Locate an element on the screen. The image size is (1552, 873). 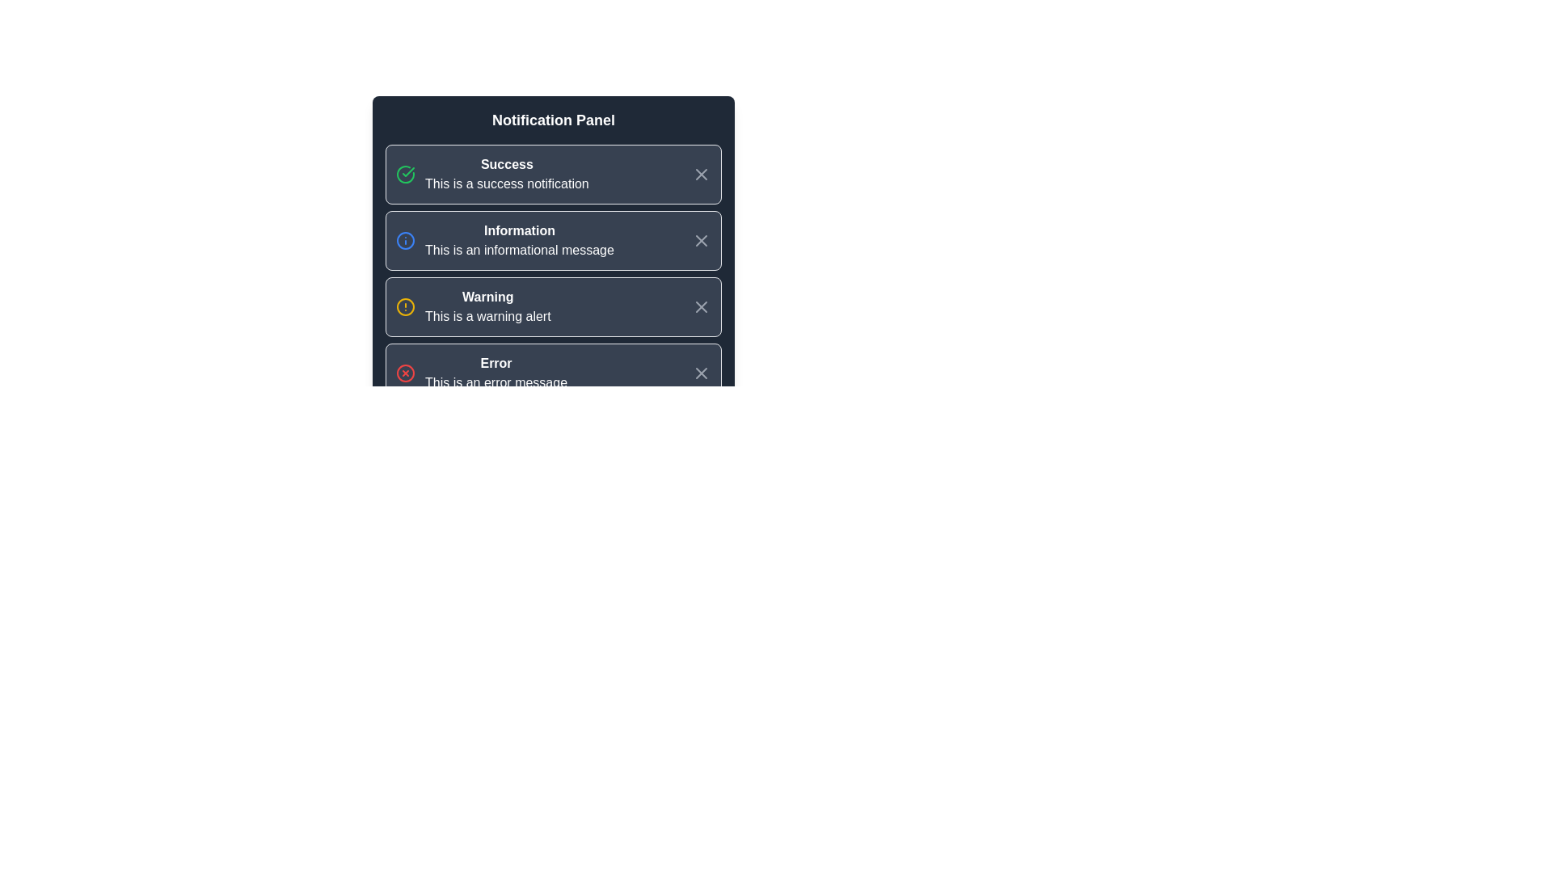
title 'Error' and subtitle 'This is an error message' from the fourth notification in the vertically stacked list of notifications, which is displayed in a dark gray panel with white text is located at coordinates (480, 373).